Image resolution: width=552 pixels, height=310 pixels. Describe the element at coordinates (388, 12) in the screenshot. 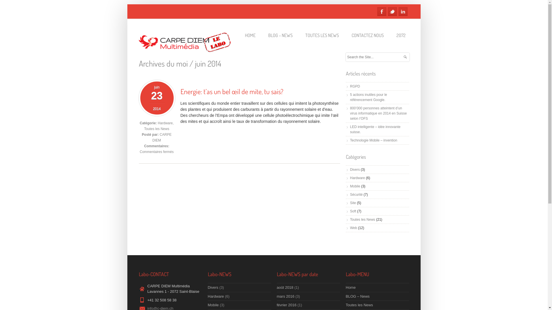

I see `'Twitter'` at that location.